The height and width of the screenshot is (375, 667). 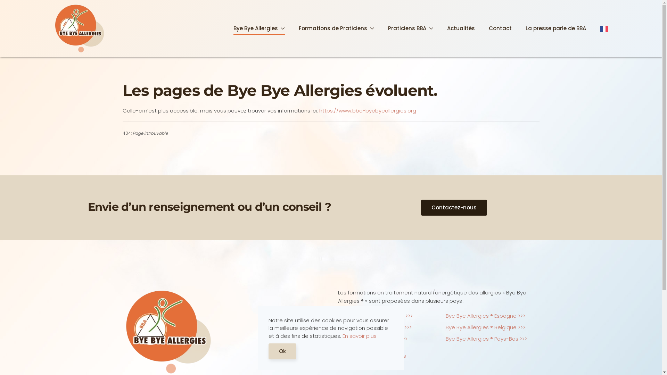 What do you see at coordinates (555, 28) in the screenshot?
I see `'La presse parle de BBA'` at bounding box center [555, 28].